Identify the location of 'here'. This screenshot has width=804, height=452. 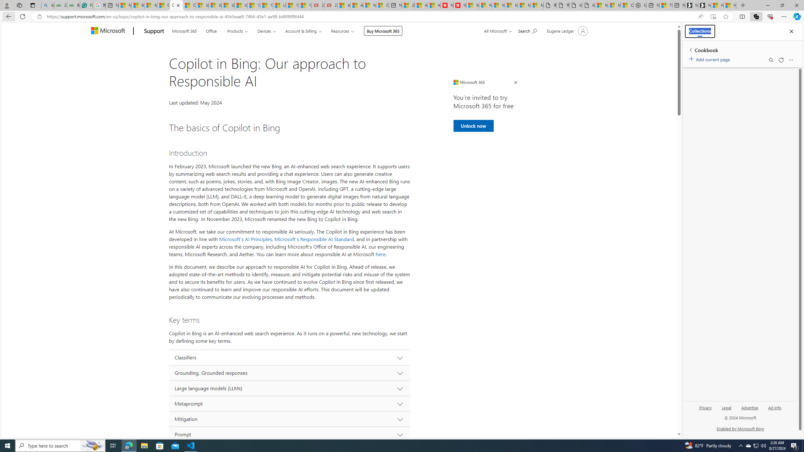
(380, 254).